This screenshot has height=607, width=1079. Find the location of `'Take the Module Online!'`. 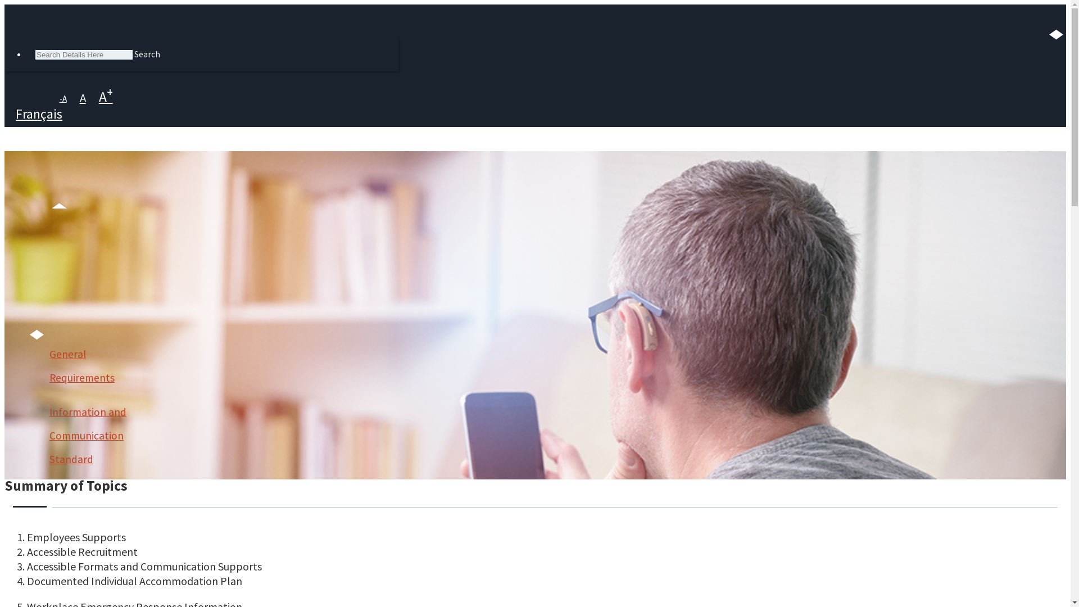

'Take the Module Online!' is located at coordinates (16, 432).